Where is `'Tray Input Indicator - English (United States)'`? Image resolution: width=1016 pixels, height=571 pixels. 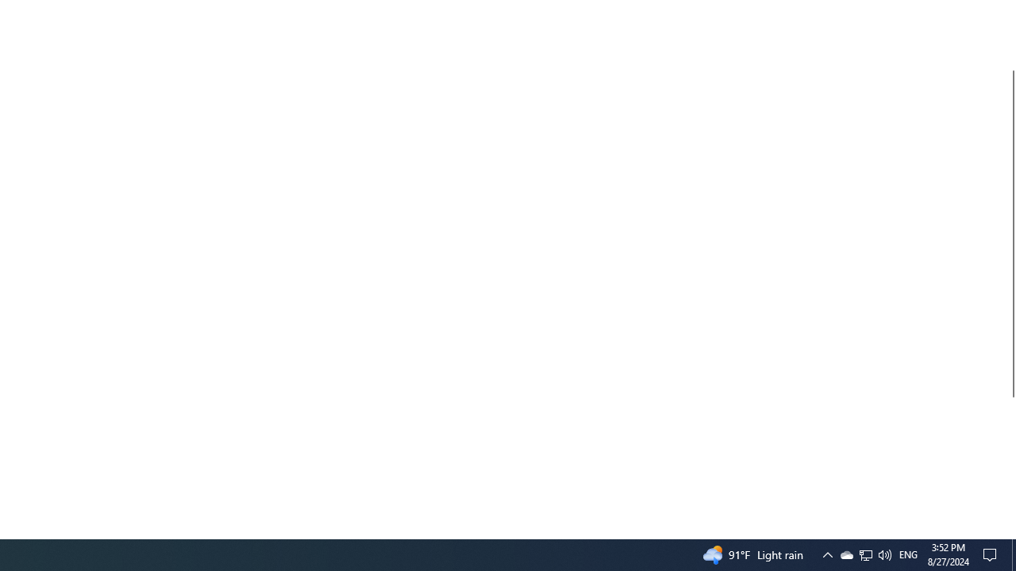
'Tray Input Indicator - English (United States)' is located at coordinates (908, 554).